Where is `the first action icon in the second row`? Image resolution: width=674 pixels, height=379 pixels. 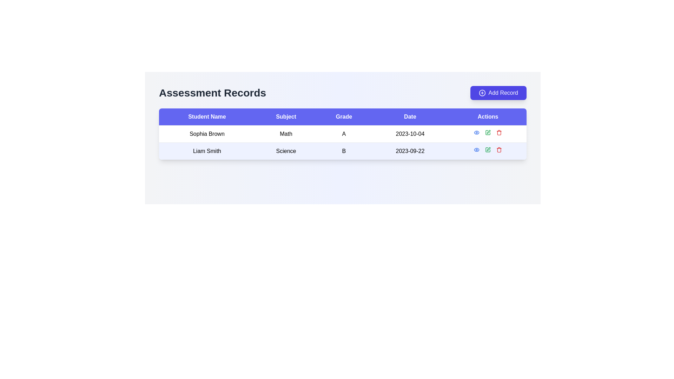 the first action icon in the second row is located at coordinates (477, 133).